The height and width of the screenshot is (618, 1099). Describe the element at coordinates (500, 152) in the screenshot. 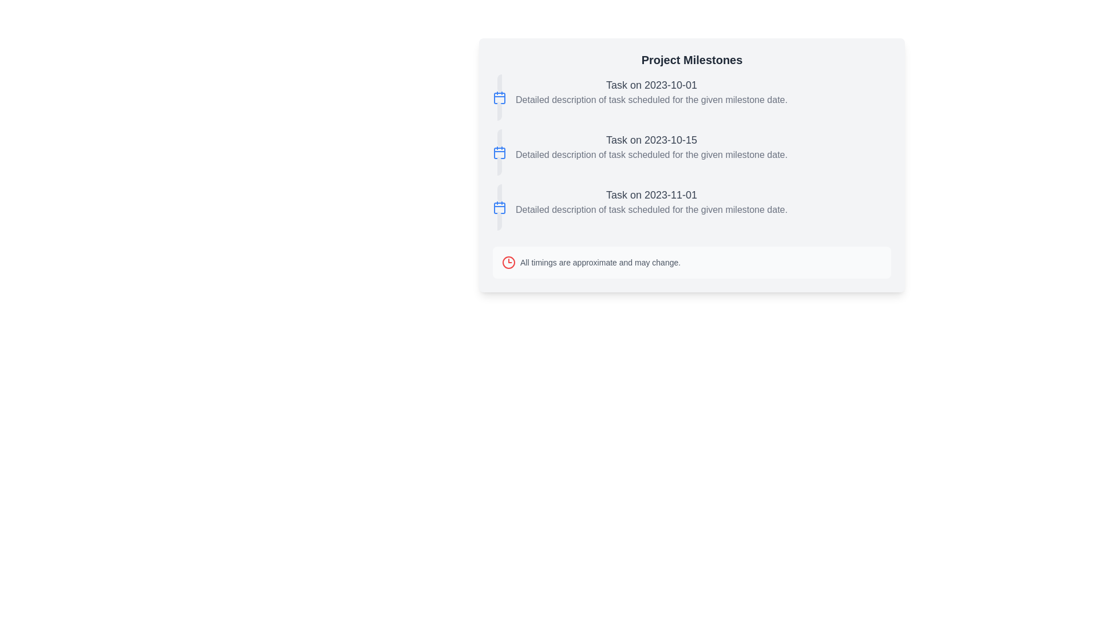

I see `the circular gray icon button with a blue calendar icon, which is the second icon in a vertical sequence, located next to the milestone text for 'Task on 2023-10-15'` at that location.